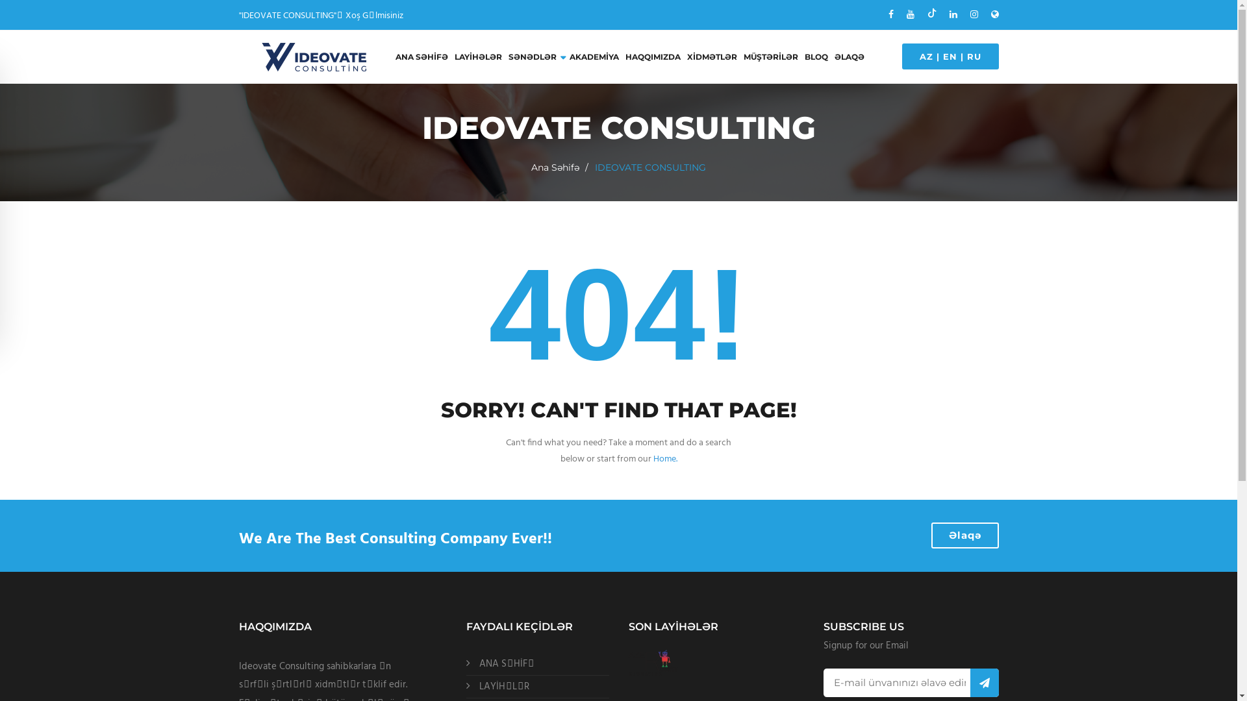  I want to click on 'RU', so click(973, 56).